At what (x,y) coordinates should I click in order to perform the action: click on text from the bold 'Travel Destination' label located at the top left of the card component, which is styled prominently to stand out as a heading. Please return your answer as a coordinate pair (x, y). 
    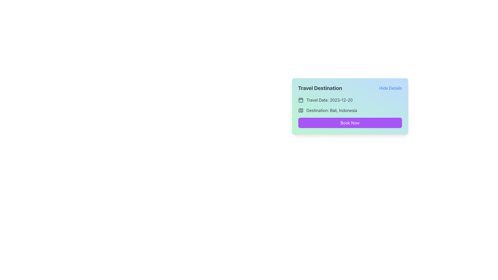
    Looking at the image, I should click on (320, 88).